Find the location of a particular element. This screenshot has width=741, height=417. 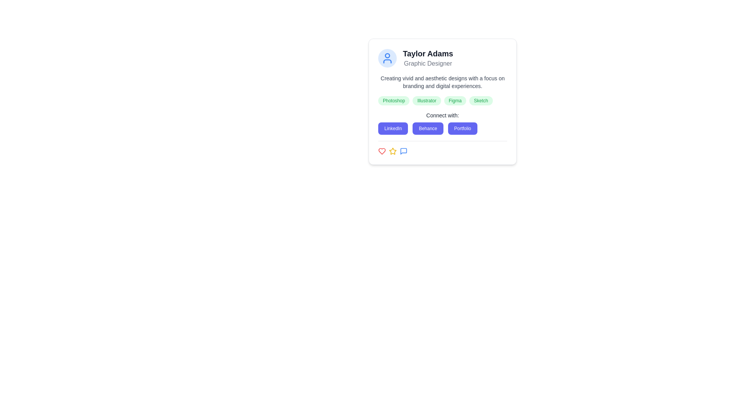

the descriptor label text located above the buttons labeled 'LinkedIn,' 'Behance,' and 'Portfolio,' which provides context for these buttons is located at coordinates (443, 115).